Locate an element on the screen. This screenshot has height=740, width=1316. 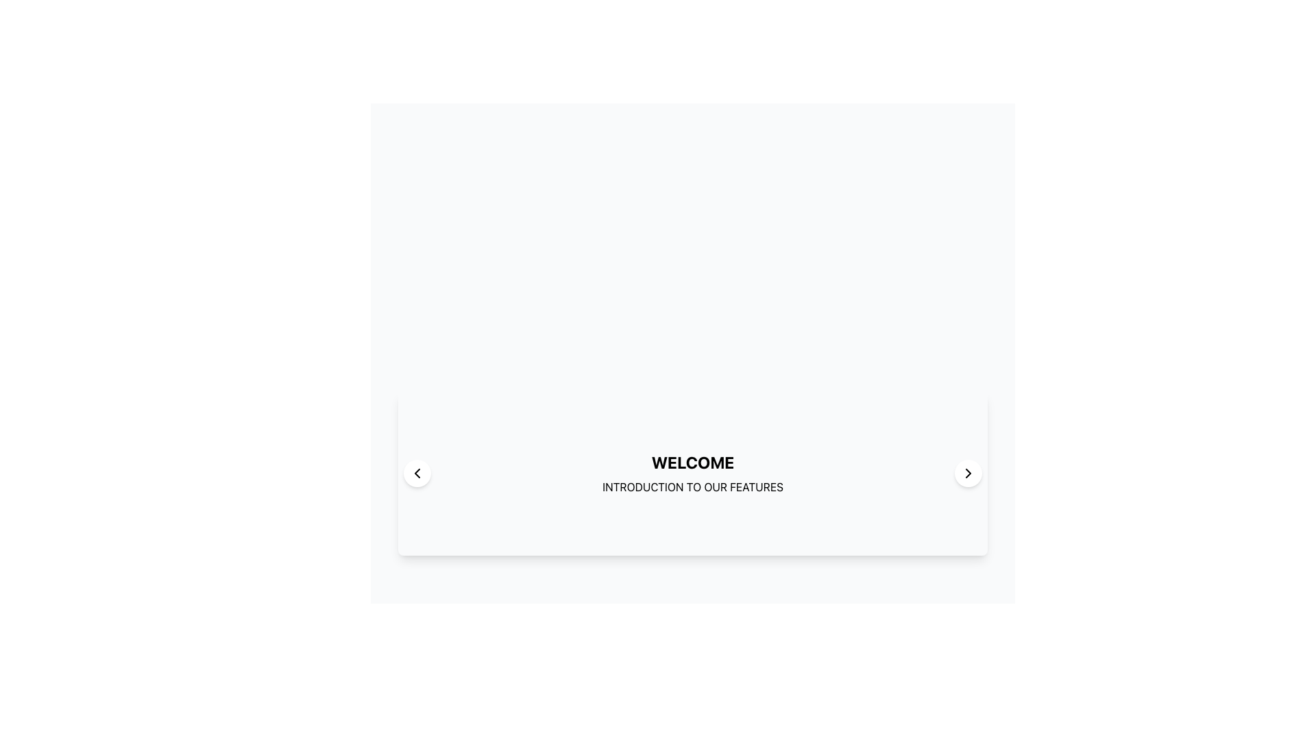
content displayed in the centered text element, which includes a header and subheader, positioned between navigation buttons is located at coordinates (693, 472).